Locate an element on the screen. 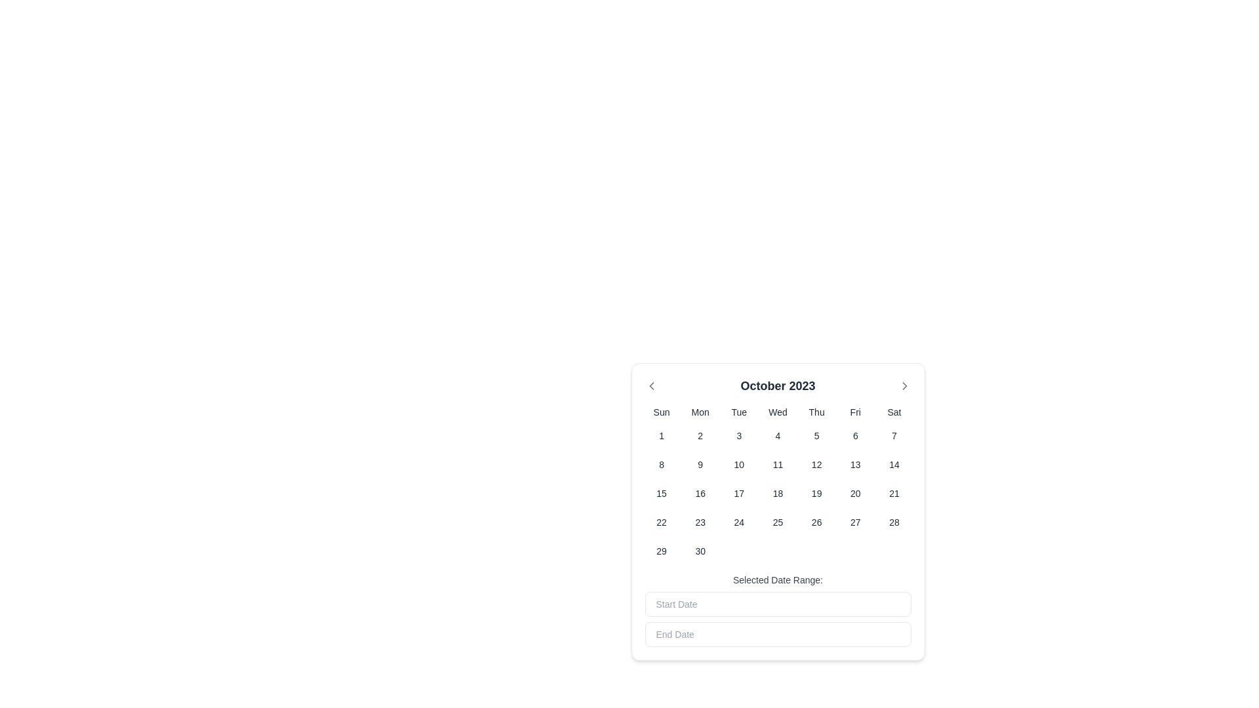 Image resolution: width=1259 pixels, height=708 pixels. the Button-like component representing the 15th day of the month in the calendar grid is located at coordinates (662, 493).